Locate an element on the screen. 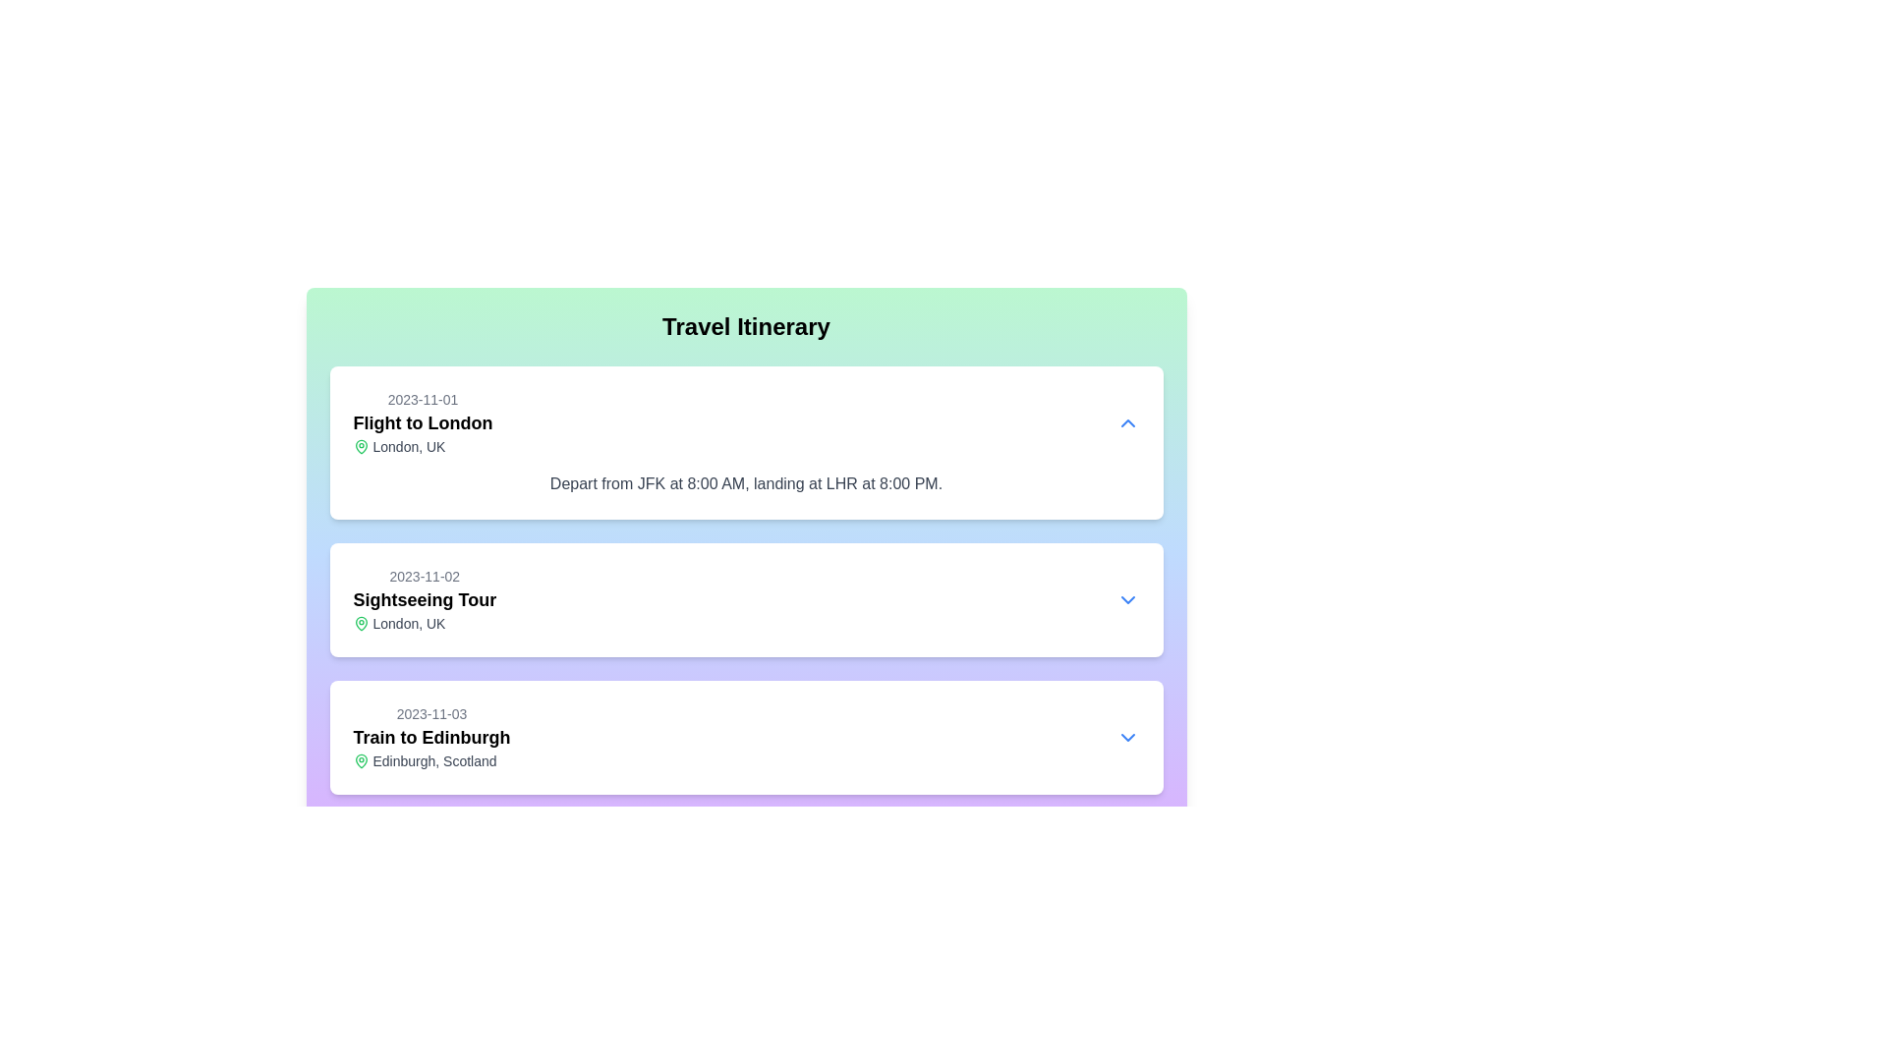 Image resolution: width=1887 pixels, height=1061 pixels. the text label displaying 'Sightseeing Tour', which is centrally aligned below the date label '2023-11-02' and above the location label 'London, UK' is located at coordinates (424, 598).